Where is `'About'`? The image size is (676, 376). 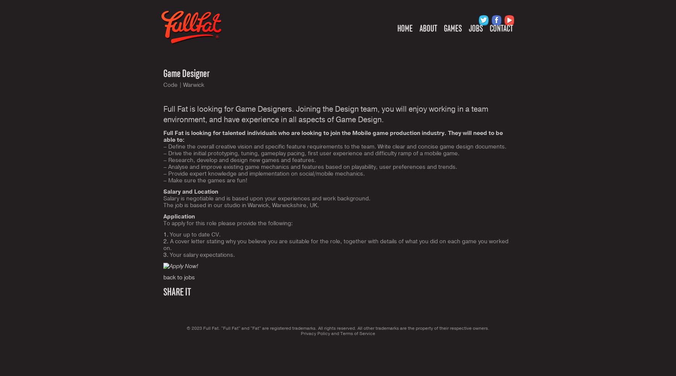
'About' is located at coordinates (428, 28).